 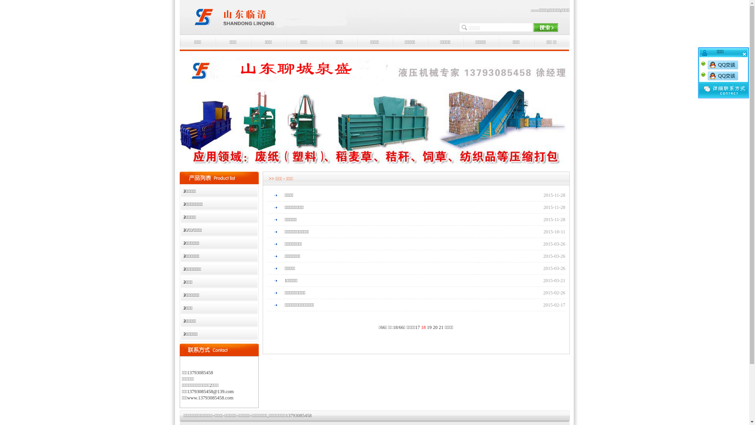 I want to click on '19', so click(x=429, y=327).